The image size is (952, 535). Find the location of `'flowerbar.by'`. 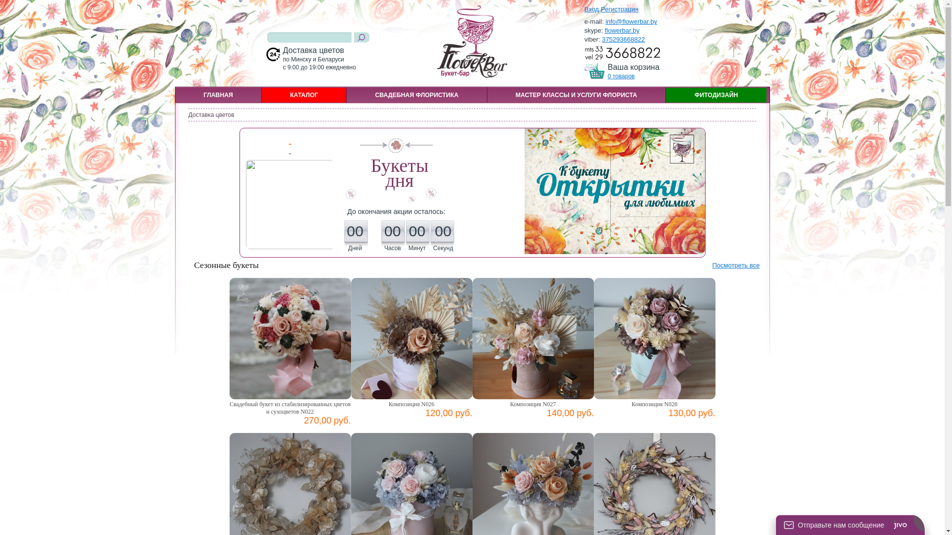

'flowerbar.by' is located at coordinates (621, 30).